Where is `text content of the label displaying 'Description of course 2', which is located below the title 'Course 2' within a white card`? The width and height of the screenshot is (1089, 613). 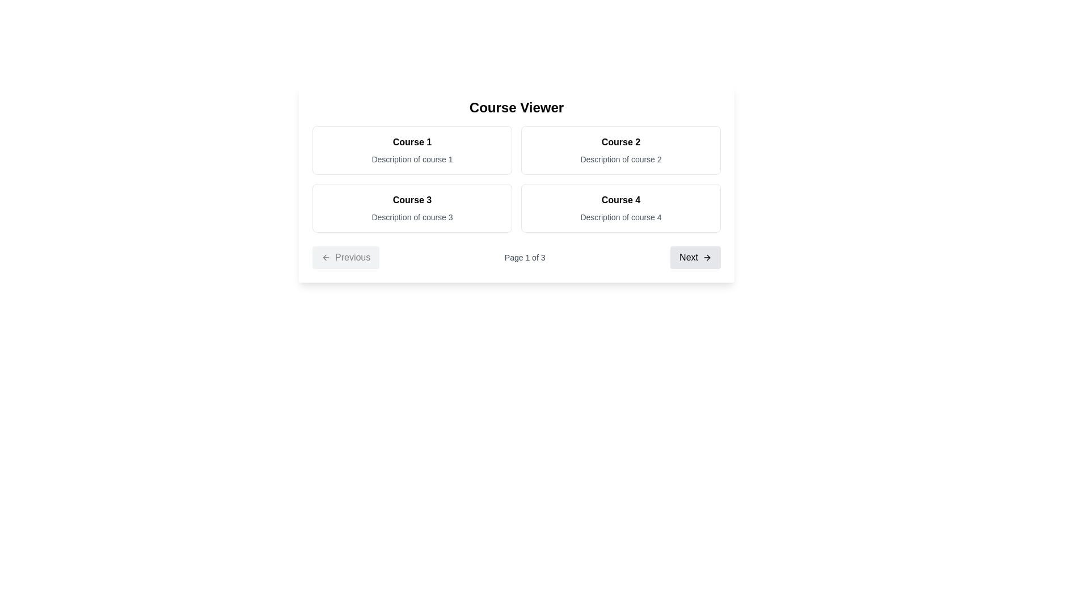
text content of the label displaying 'Description of course 2', which is located below the title 'Course 2' within a white card is located at coordinates (620, 159).